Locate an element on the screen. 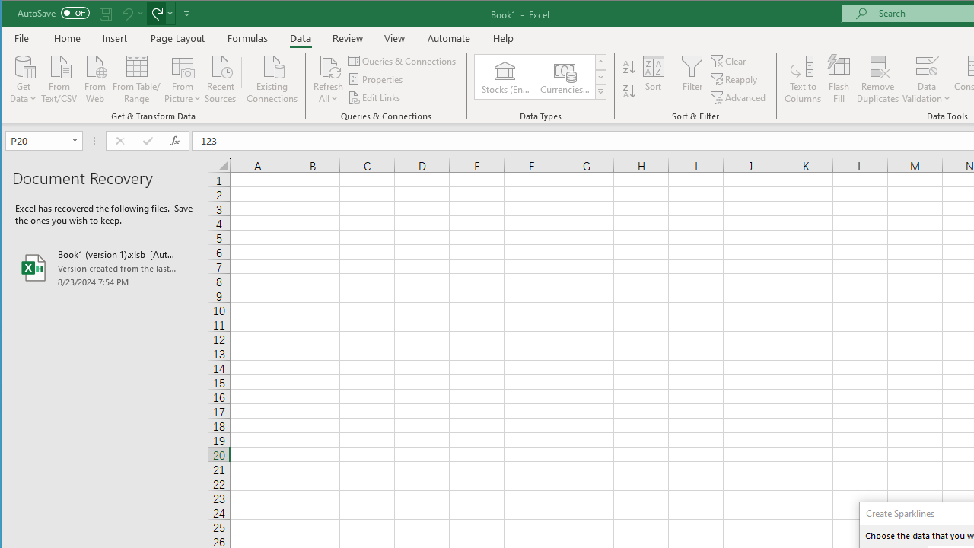 The image size is (974, 548). 'AutomationID: ConvertToLinkedEntity' is located at coordinates (541, 77).